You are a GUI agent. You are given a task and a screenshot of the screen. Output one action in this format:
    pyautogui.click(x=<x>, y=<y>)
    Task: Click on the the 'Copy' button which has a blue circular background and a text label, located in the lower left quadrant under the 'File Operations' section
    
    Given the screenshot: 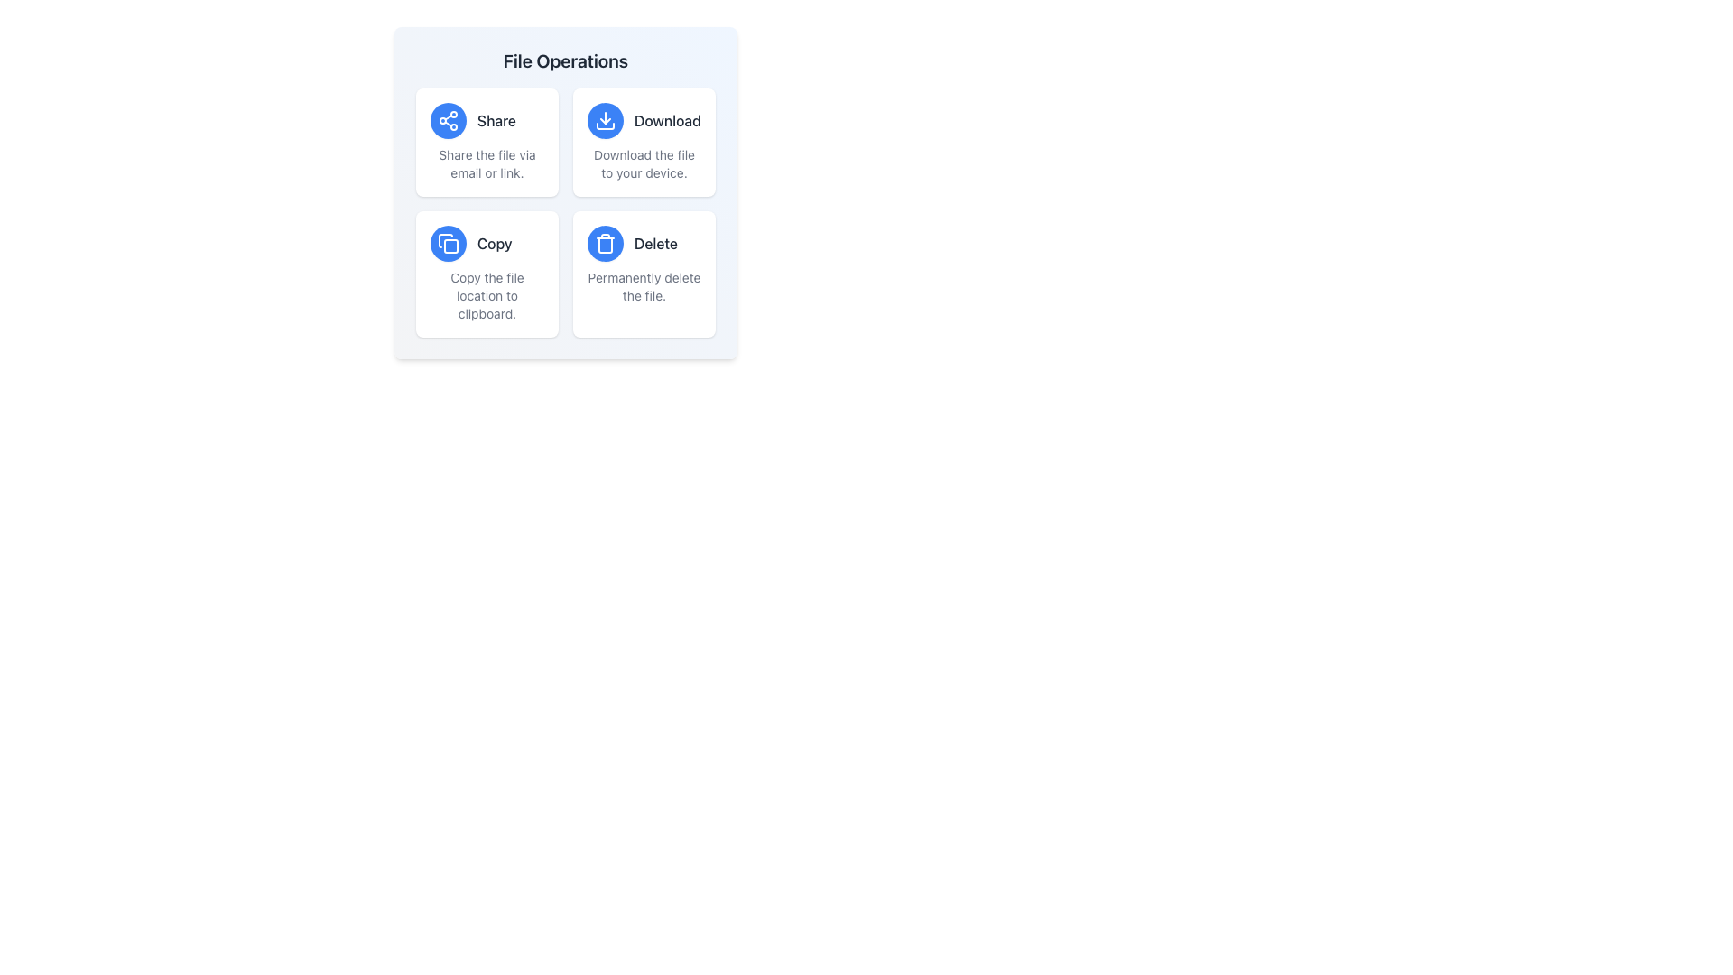 What is the action you would take?
    pyautogui.click(x=487, y=244)
    